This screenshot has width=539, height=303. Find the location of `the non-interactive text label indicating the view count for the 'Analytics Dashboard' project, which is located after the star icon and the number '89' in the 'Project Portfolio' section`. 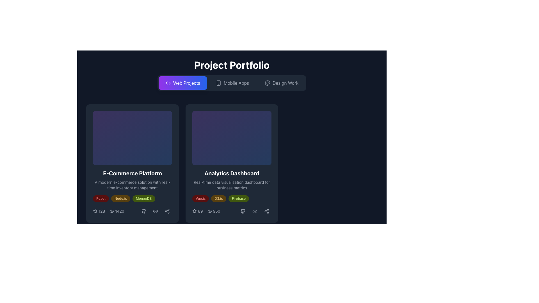

the non-interactive text label indicating the view count for the 'Analytics Dashboard' project, which is located after the star icon and the number '89' in the 'Project Portfolio' section is located at coordinates (213, 211).